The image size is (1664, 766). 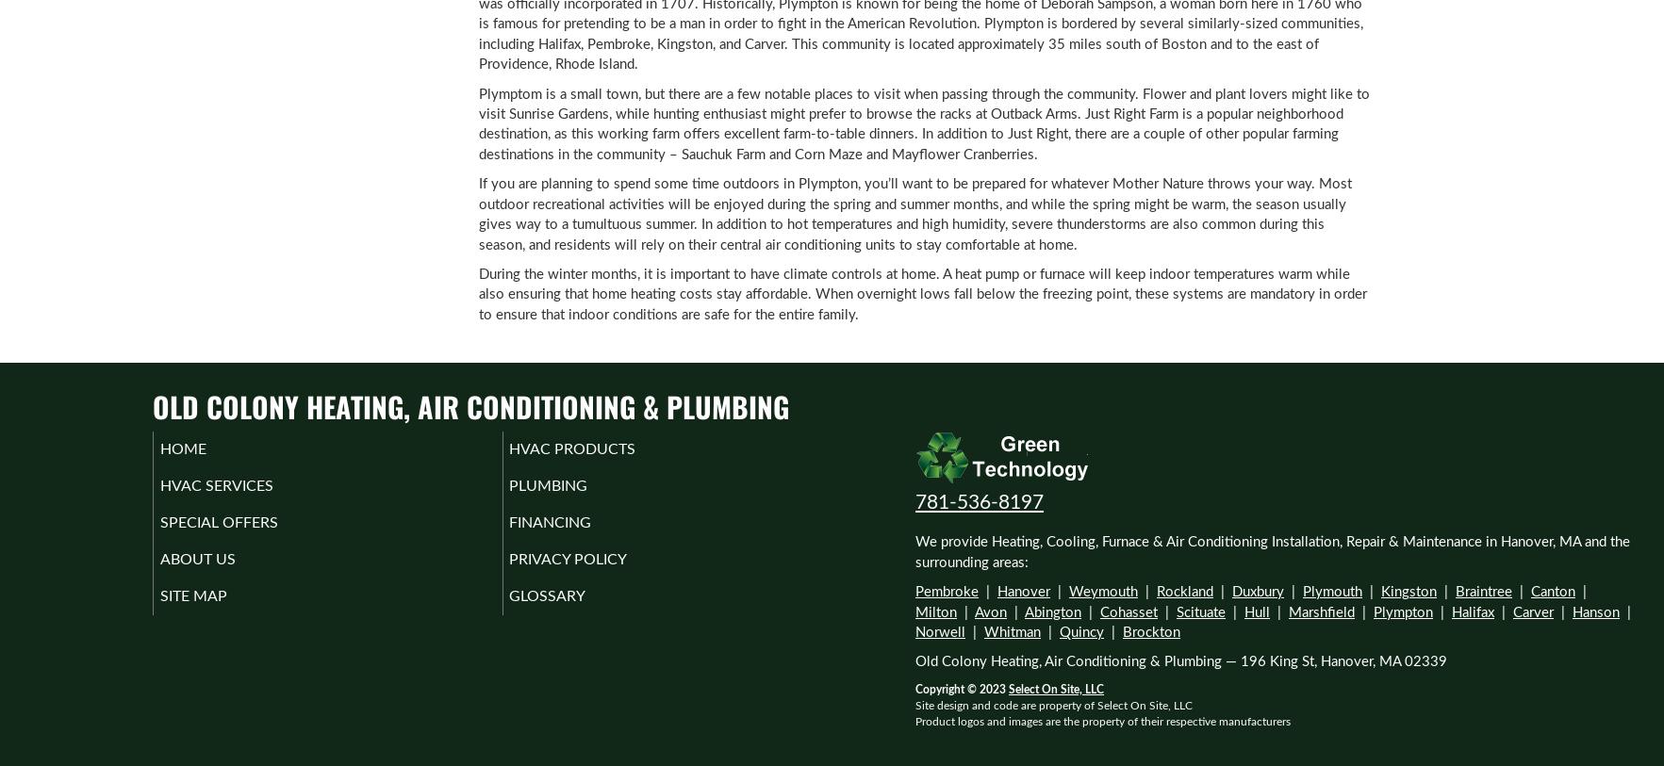 I want to click on 'Scituate', so click(x=1177, y=611).